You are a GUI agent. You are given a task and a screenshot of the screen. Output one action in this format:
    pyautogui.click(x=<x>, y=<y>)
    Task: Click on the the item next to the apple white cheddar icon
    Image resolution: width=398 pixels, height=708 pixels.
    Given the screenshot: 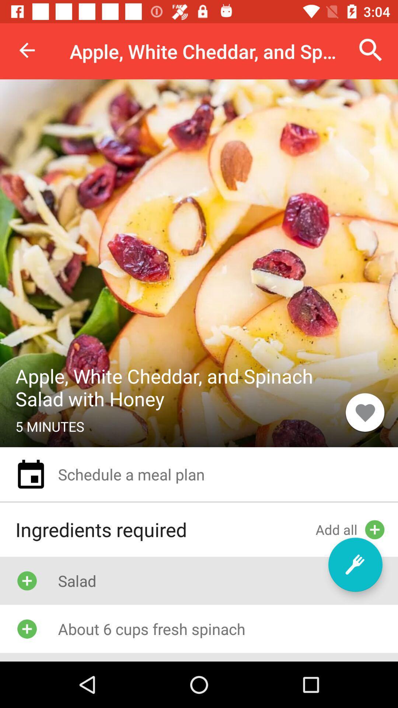 What is the action you would take?
    pyautogui.click(x=371, y=50)
    